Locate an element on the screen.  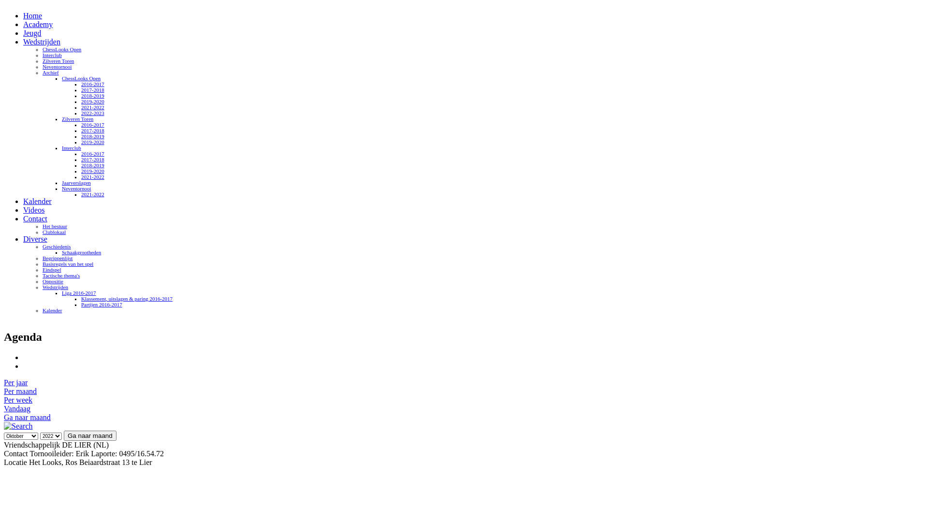
'Zilveren Toren' is located at coordinates (58, 61).